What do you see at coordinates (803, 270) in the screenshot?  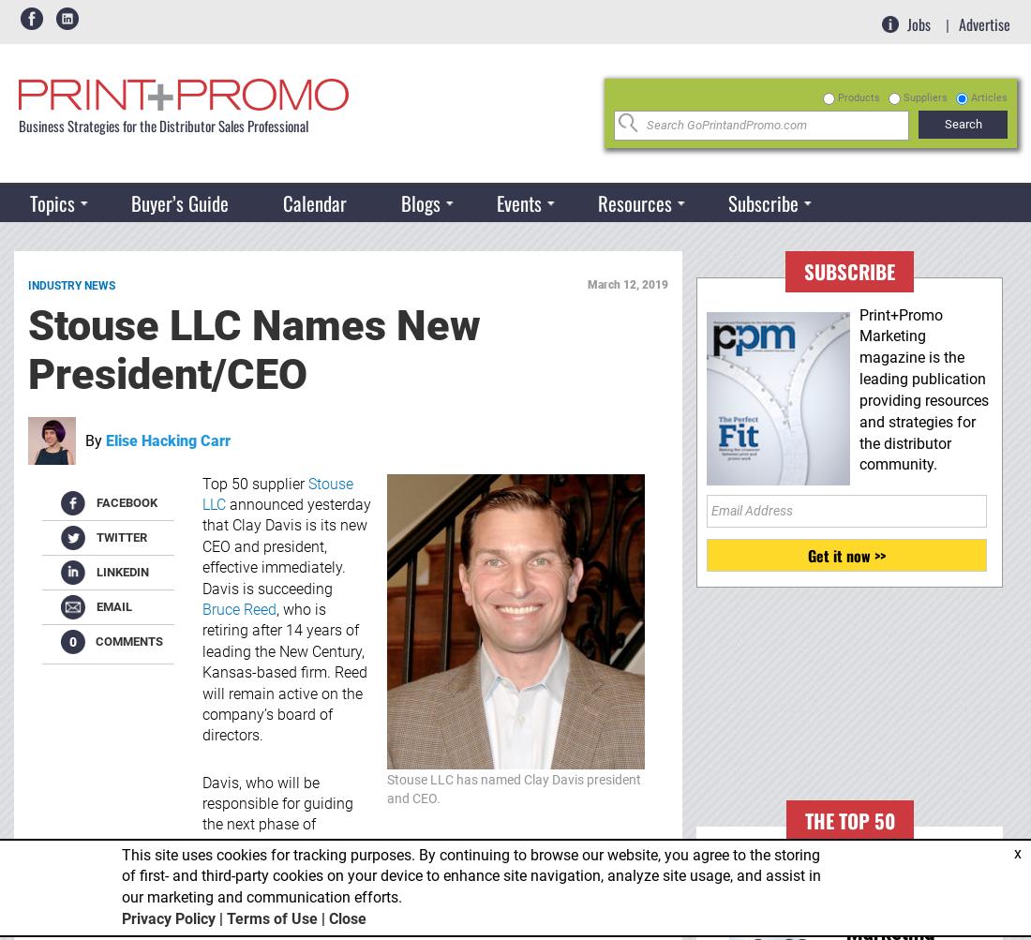 I see `'Subscribe'` at bounding box center [803, 270].